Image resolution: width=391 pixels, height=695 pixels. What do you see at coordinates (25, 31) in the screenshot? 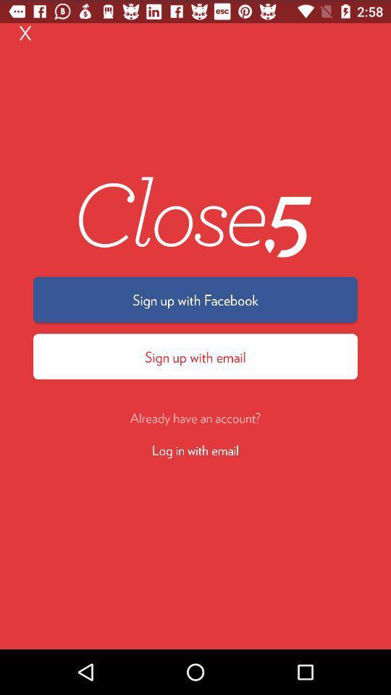
I see `the x at the top left corner` at bounding box center [25, 31].